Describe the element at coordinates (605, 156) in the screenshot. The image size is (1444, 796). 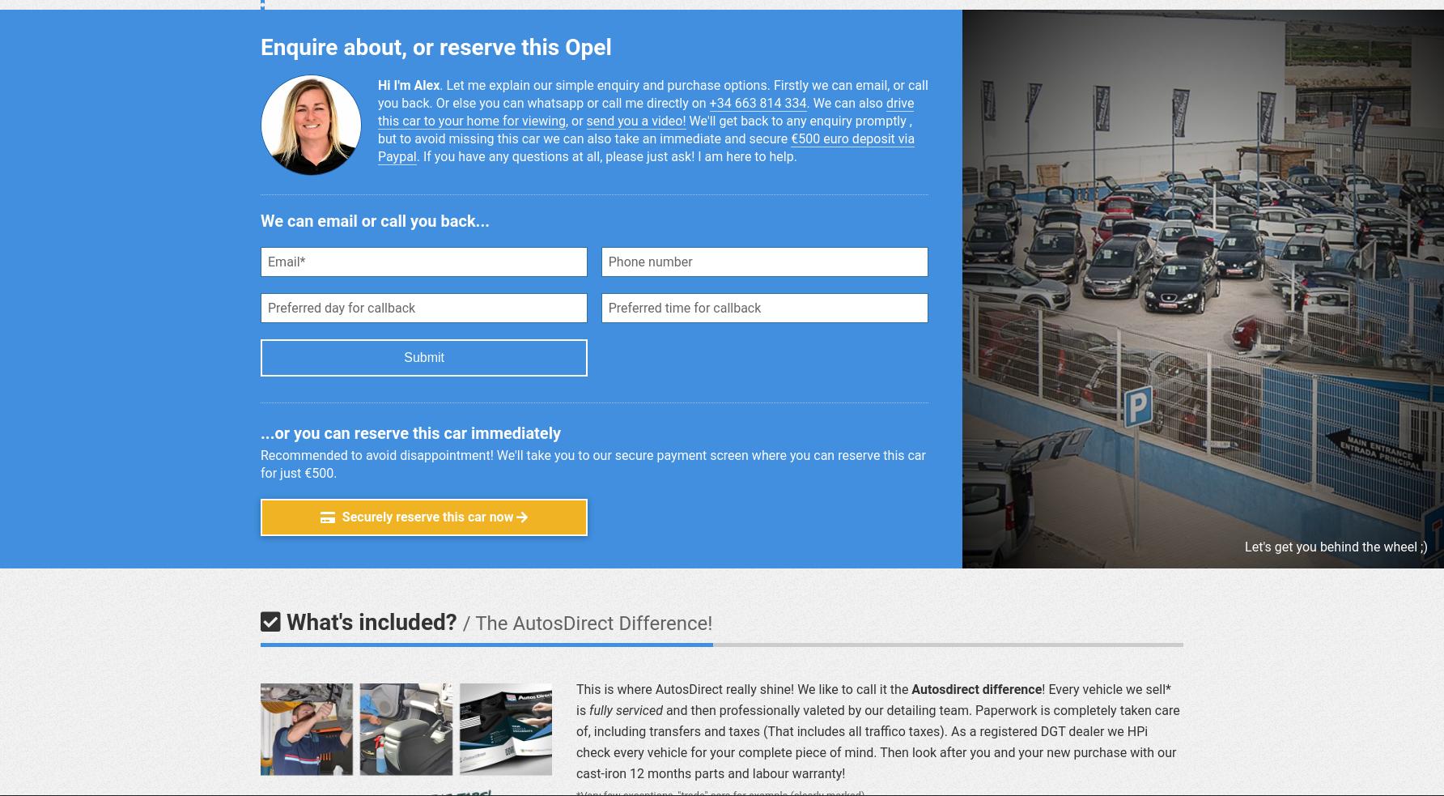
I see `'. If you have any ques­tions at all, please just ask! I am here to help.'` at that location.